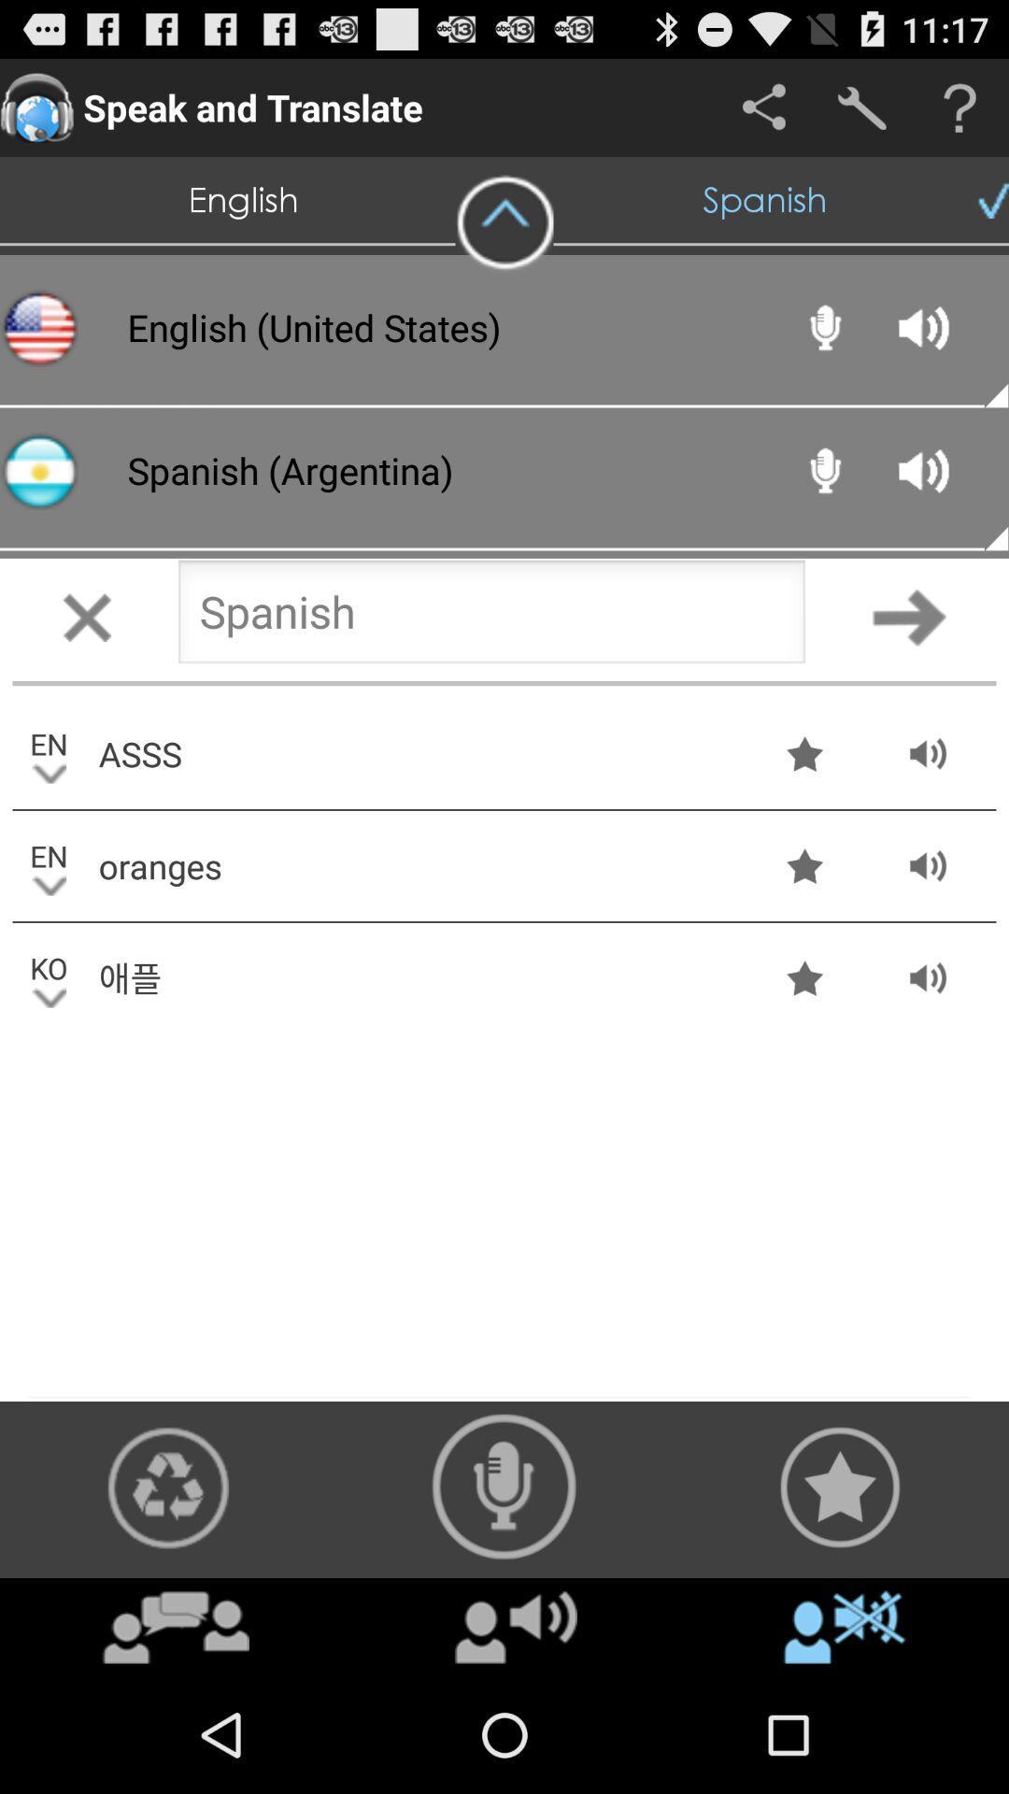 Image resolution: width=1009 pixels, height=1794 pixels. What do you see at coordinates (504, 223) in the screenshot?
I see `the icon next to english` at bounding box center [504, 223].